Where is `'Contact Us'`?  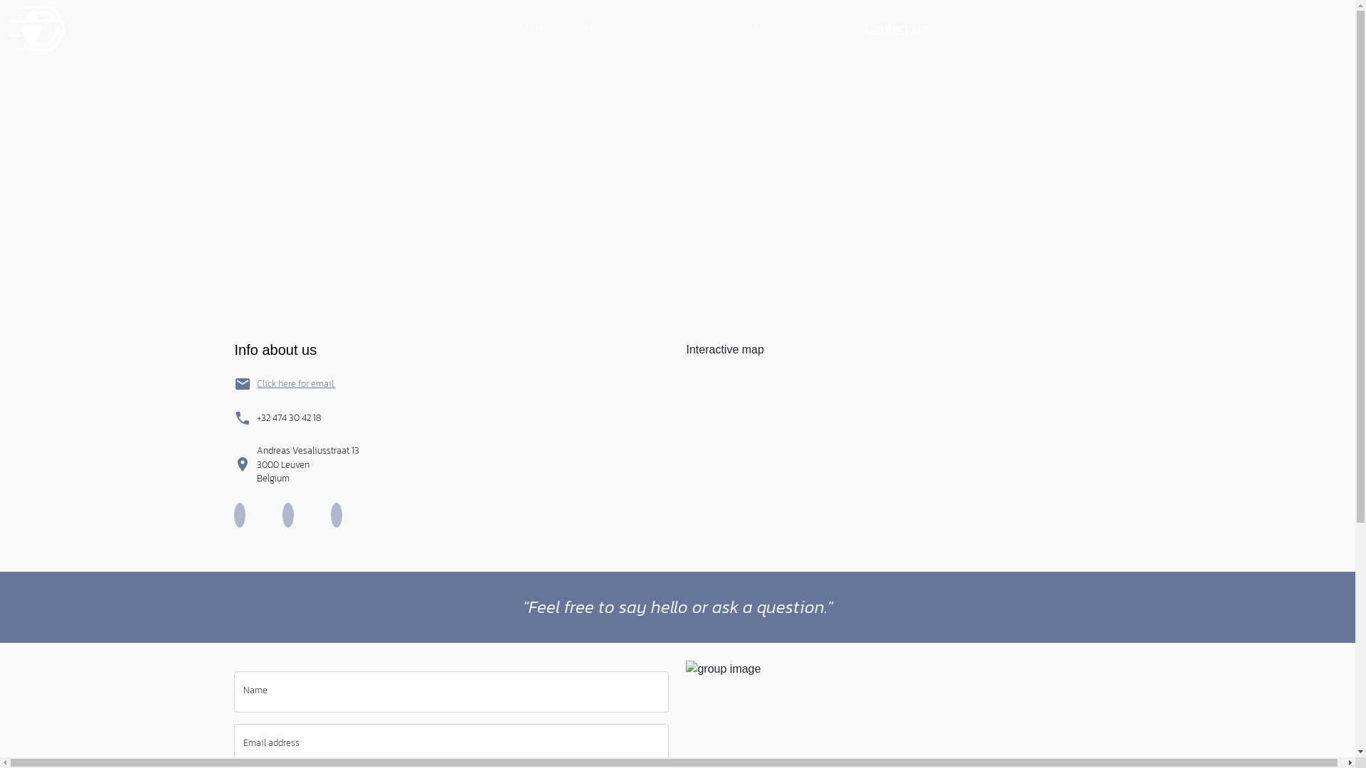 'Contact Us' is located at coordinates (895, 28).